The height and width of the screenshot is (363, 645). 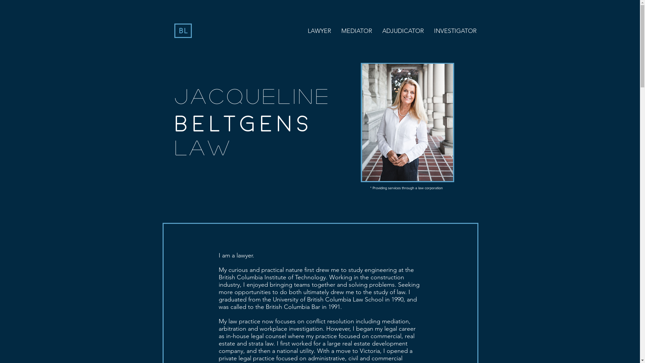 What do you see at coordinates (183, 31) in the screenshot?
I see `'BL'` at bounding box center [183, 31].